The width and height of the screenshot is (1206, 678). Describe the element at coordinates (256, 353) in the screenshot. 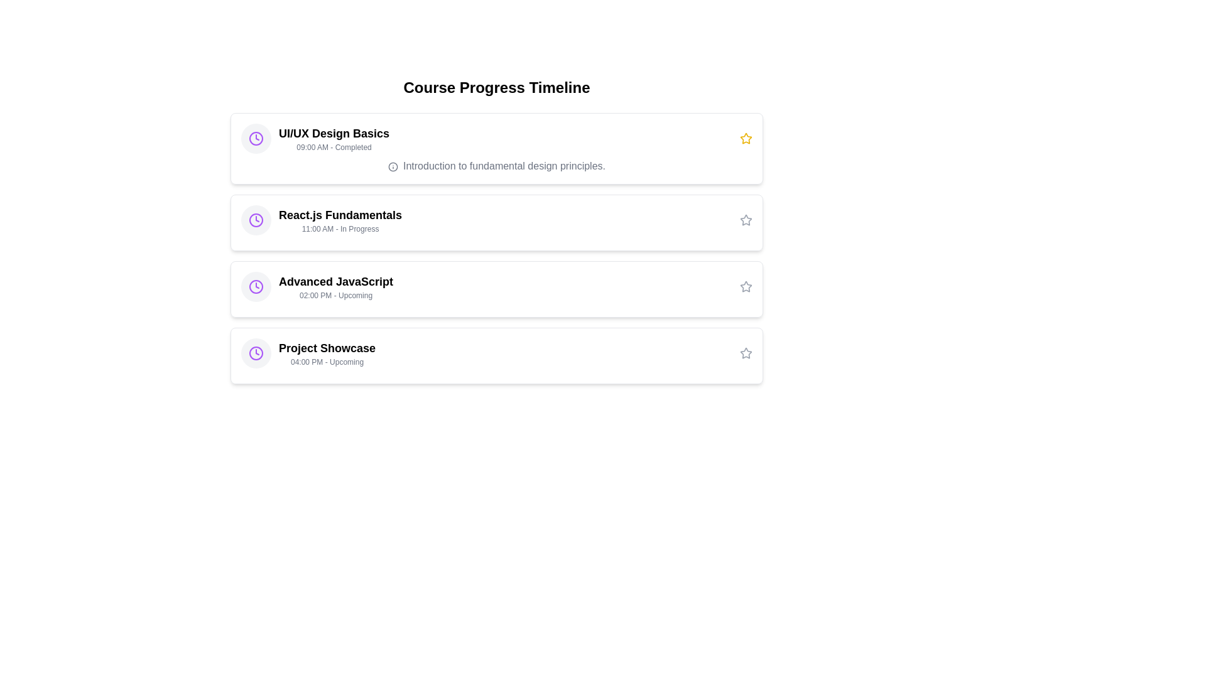

I see `the clock icon representing the scheduled time for the 'Project Showcase' event located at the start of its row` at that location.